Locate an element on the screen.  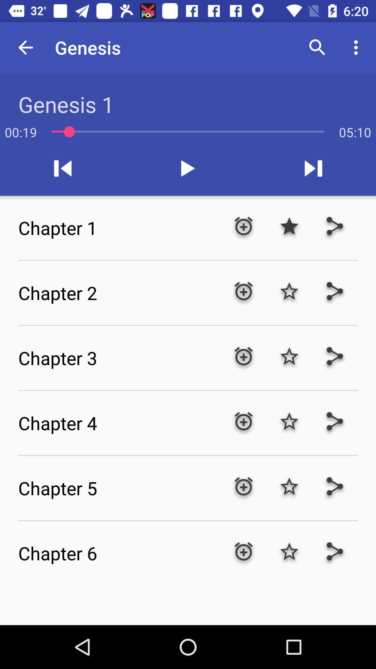
the skip_previous icon is located at coordinates (63, 168).